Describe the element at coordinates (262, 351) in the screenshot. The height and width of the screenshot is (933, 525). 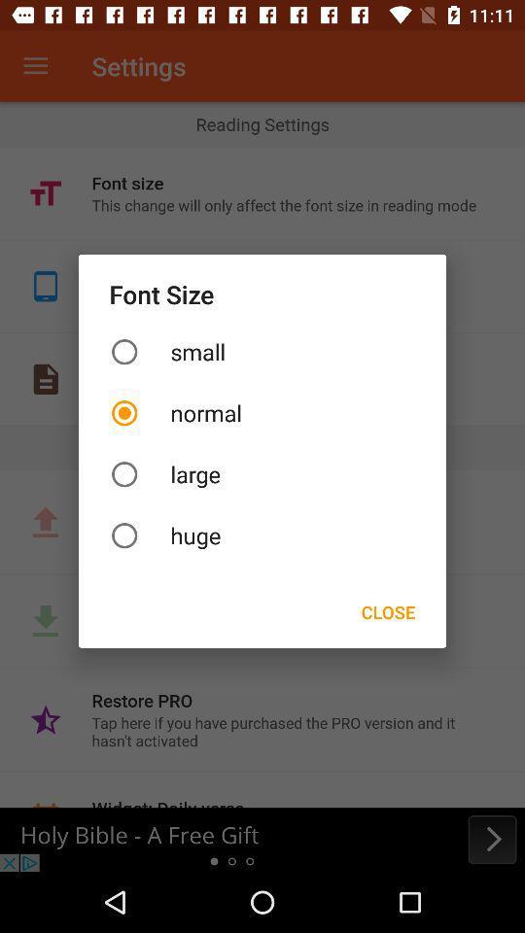
I see `item above the normal item` at that location.